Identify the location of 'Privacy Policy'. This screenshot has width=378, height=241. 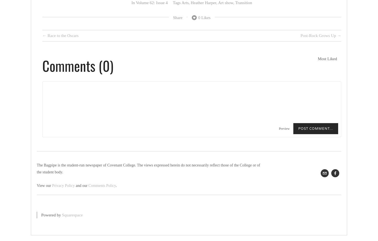
(63, 186).